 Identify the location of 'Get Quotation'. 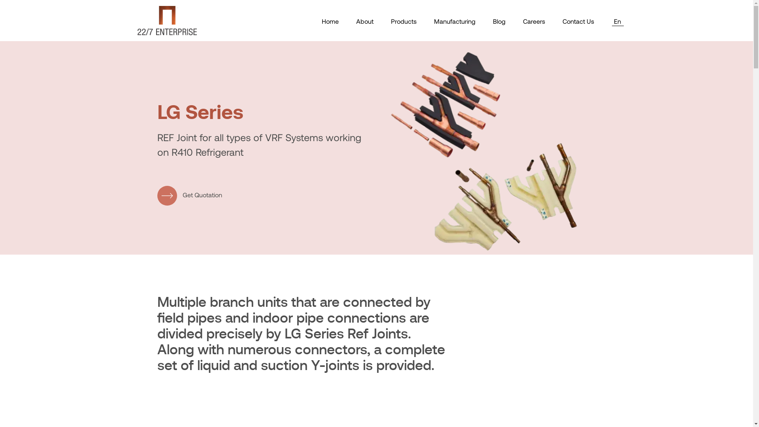
(190, 195).